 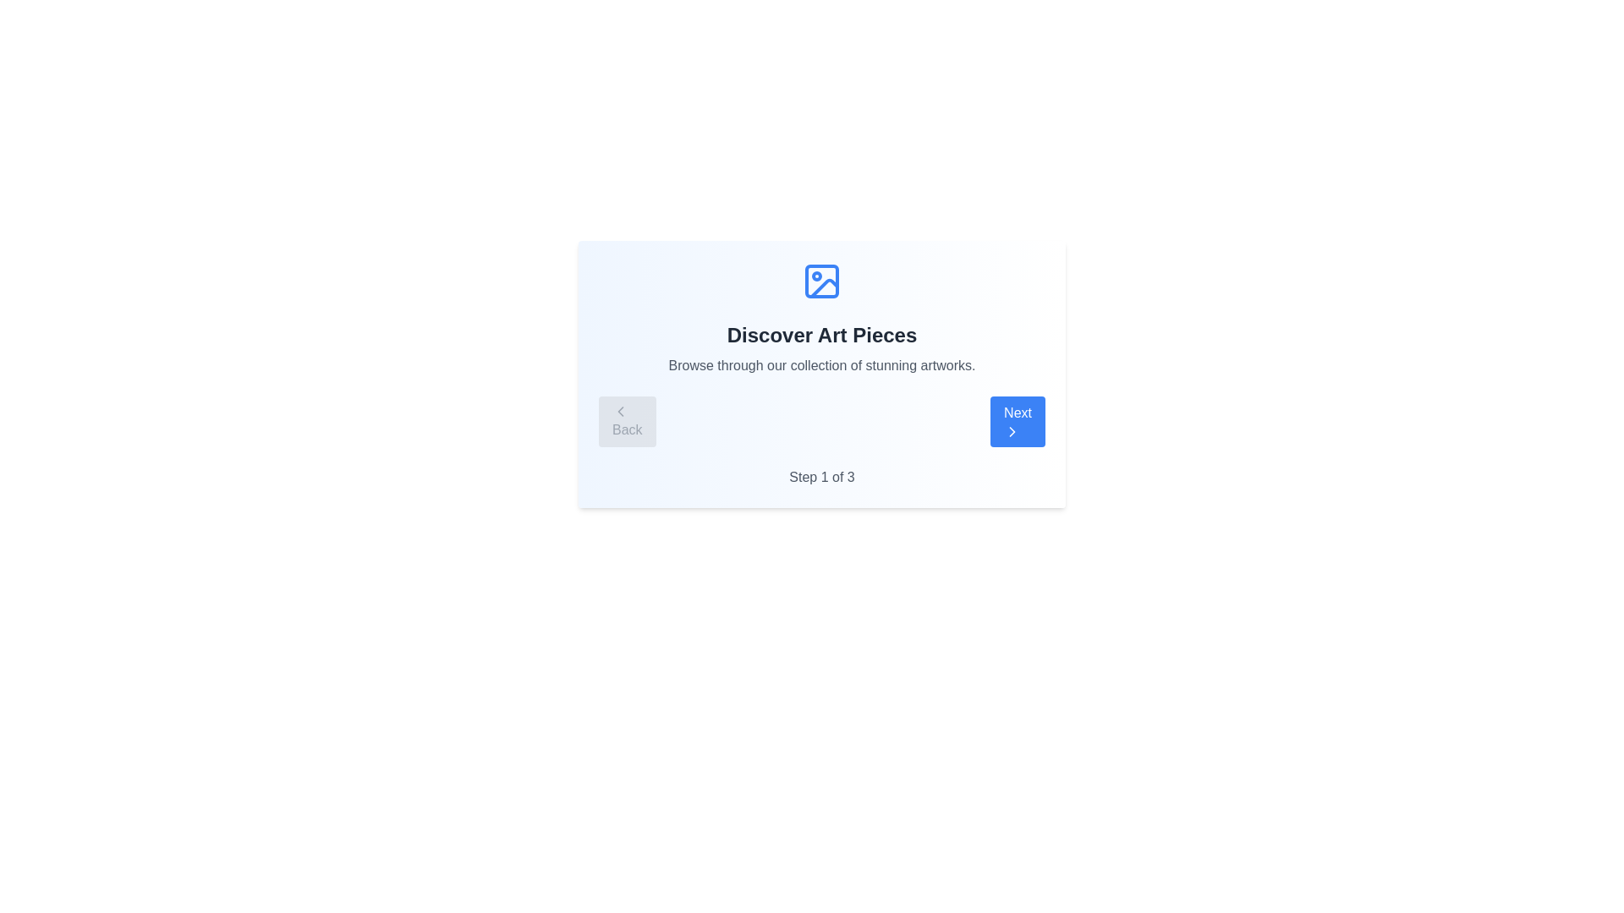 I want to click on the 'Next' button to navigate to the next step, so click(x=1017, y=420).